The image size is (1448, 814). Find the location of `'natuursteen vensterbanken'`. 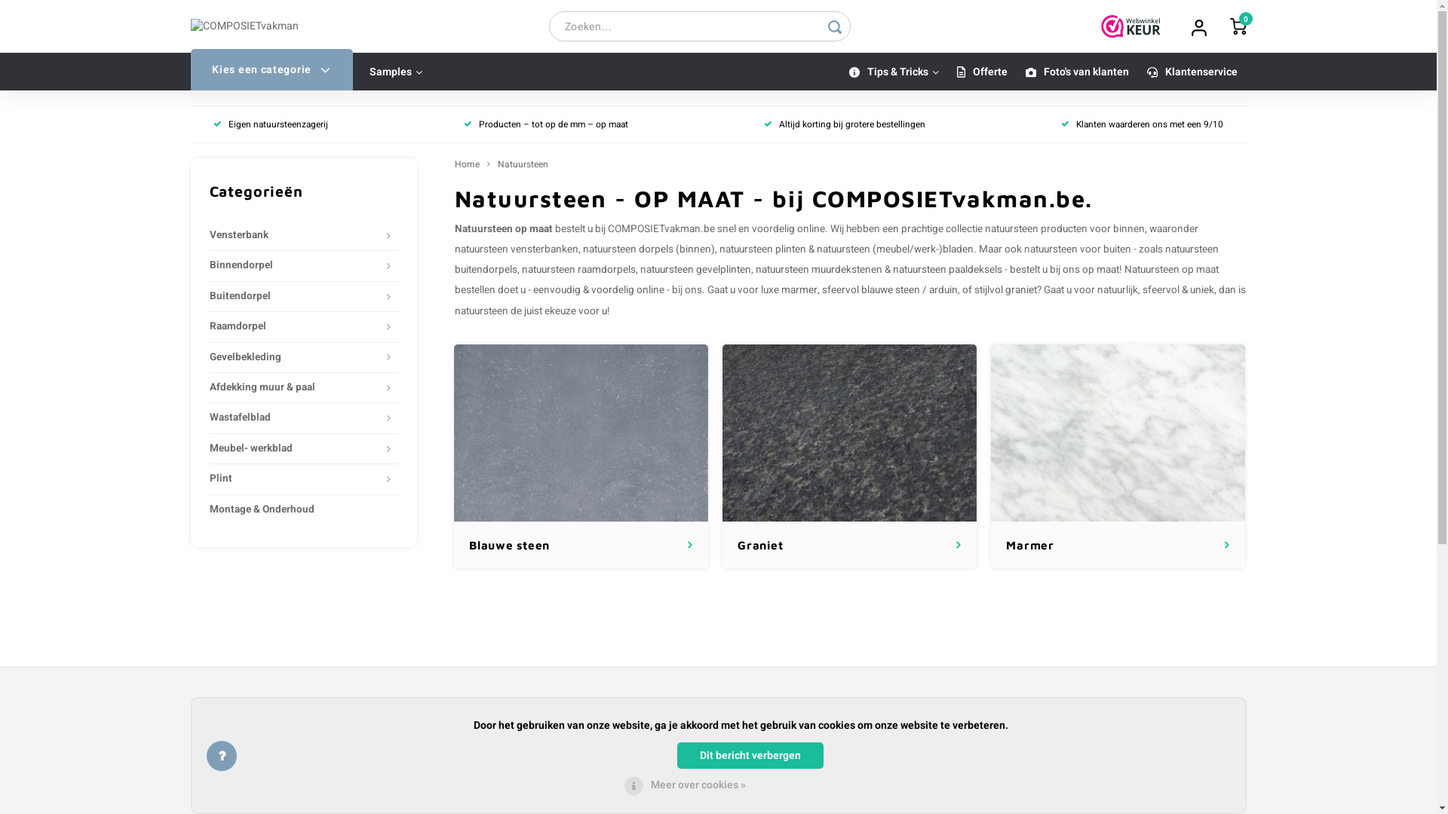

'natuursteen vensterbanken' is located at coordinates (516, 249).